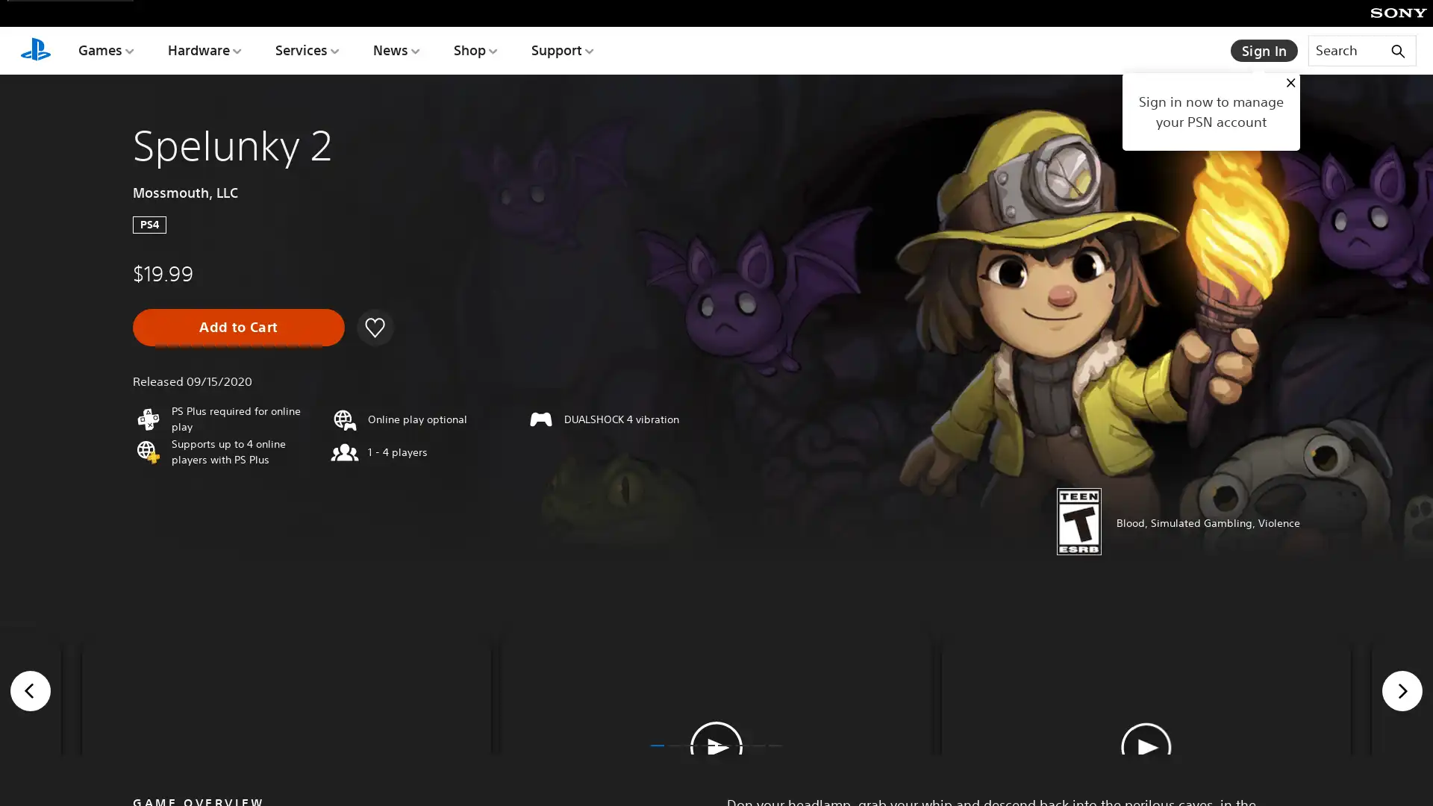  I want to click on Sign In, so click(1264, 50).